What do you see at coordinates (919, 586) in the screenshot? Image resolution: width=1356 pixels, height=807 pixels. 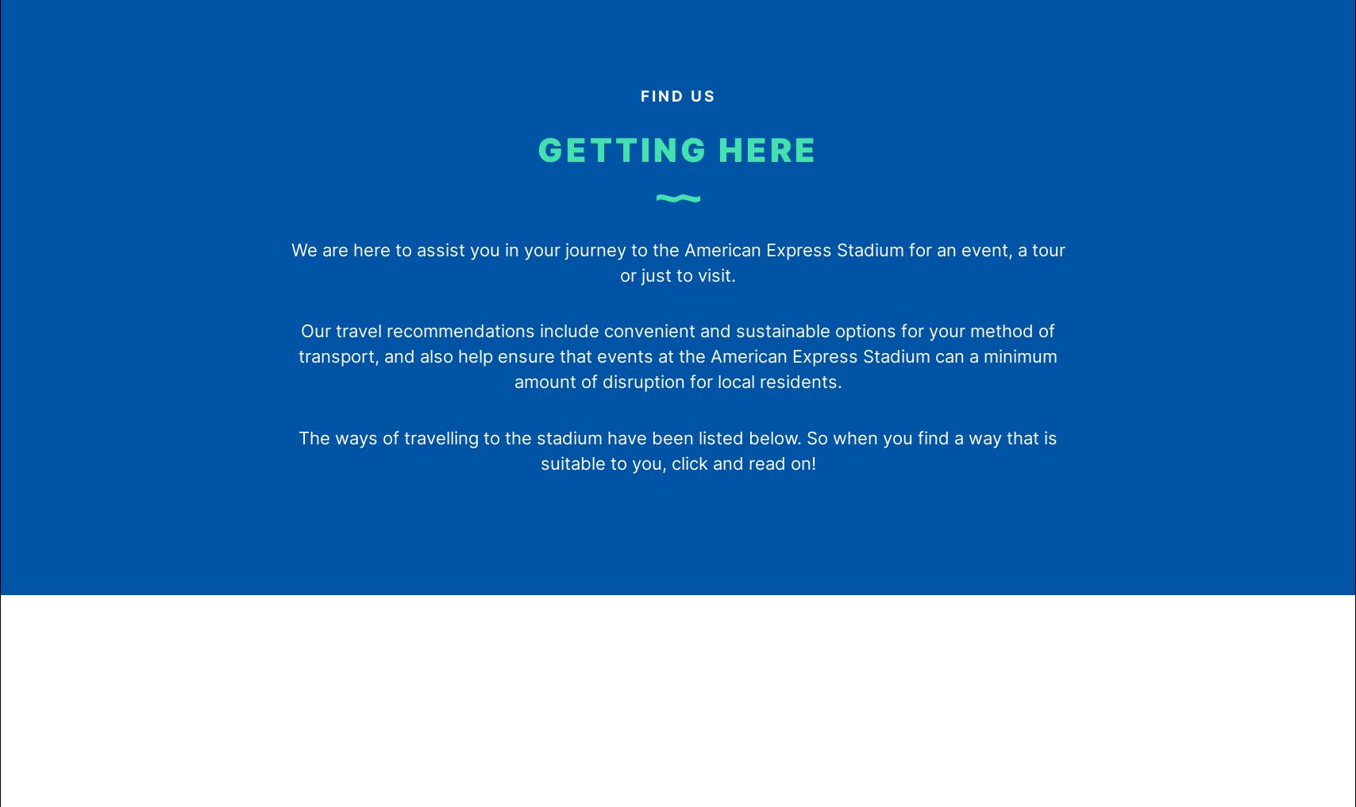 I see `'Site design & build by'` at bounding box center [919, 586].